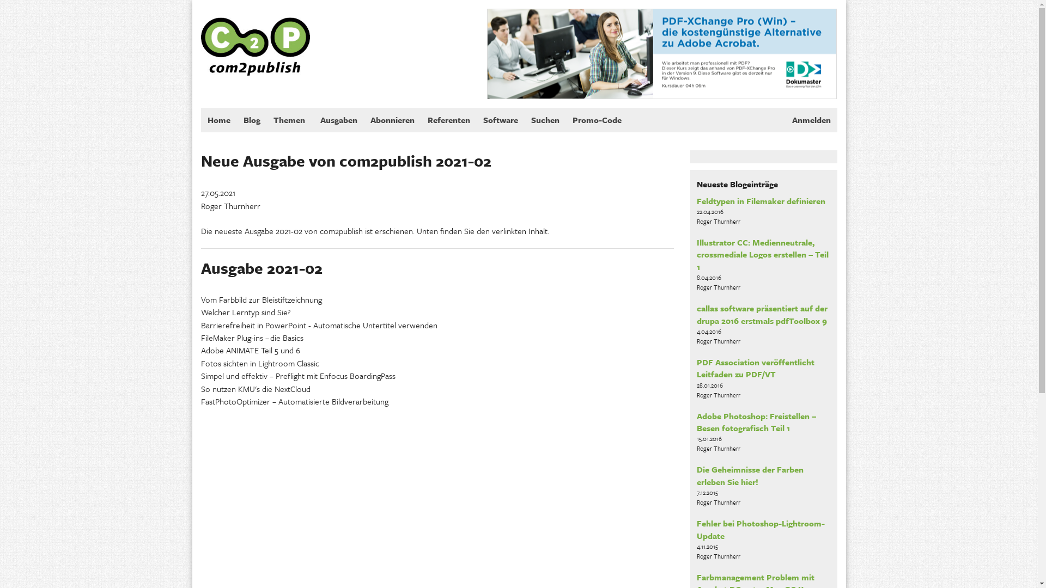  I want to click on 'Adobe ANIMATE Teil 5 und 6', so click(250, 350).